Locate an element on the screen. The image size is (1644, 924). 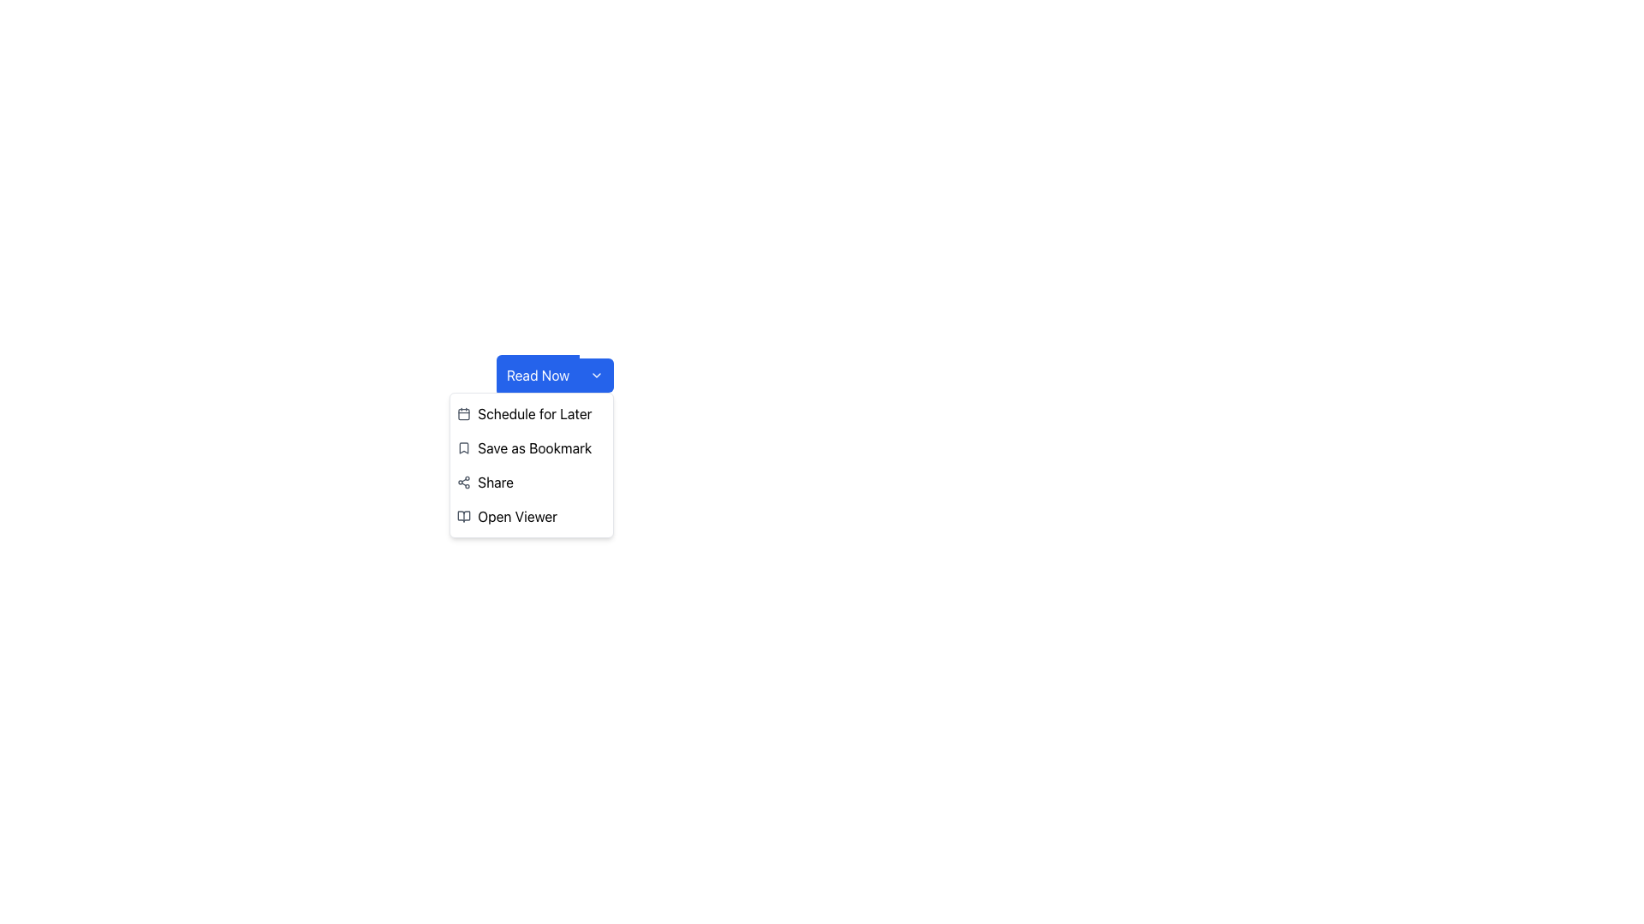
the 'Save as Bookmark' option in the dropdown menu, which has a white background and rounded corners, and is part of a larger group with the blue primary button labeled 'Read Now' is located at coordinates (555, 468).